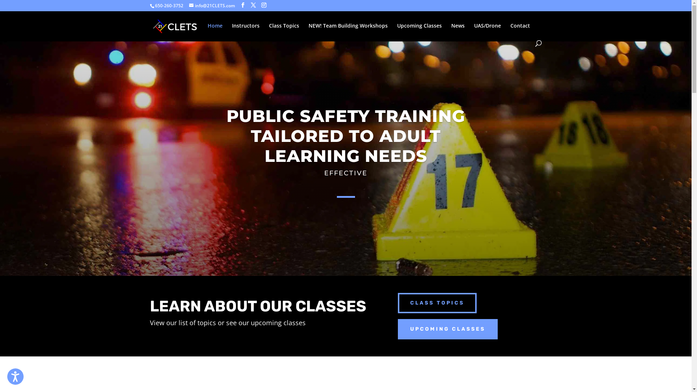  Describe the element at coordinates (488, 31) in the screenshot. I see `'UAS/Drone'` at that location.